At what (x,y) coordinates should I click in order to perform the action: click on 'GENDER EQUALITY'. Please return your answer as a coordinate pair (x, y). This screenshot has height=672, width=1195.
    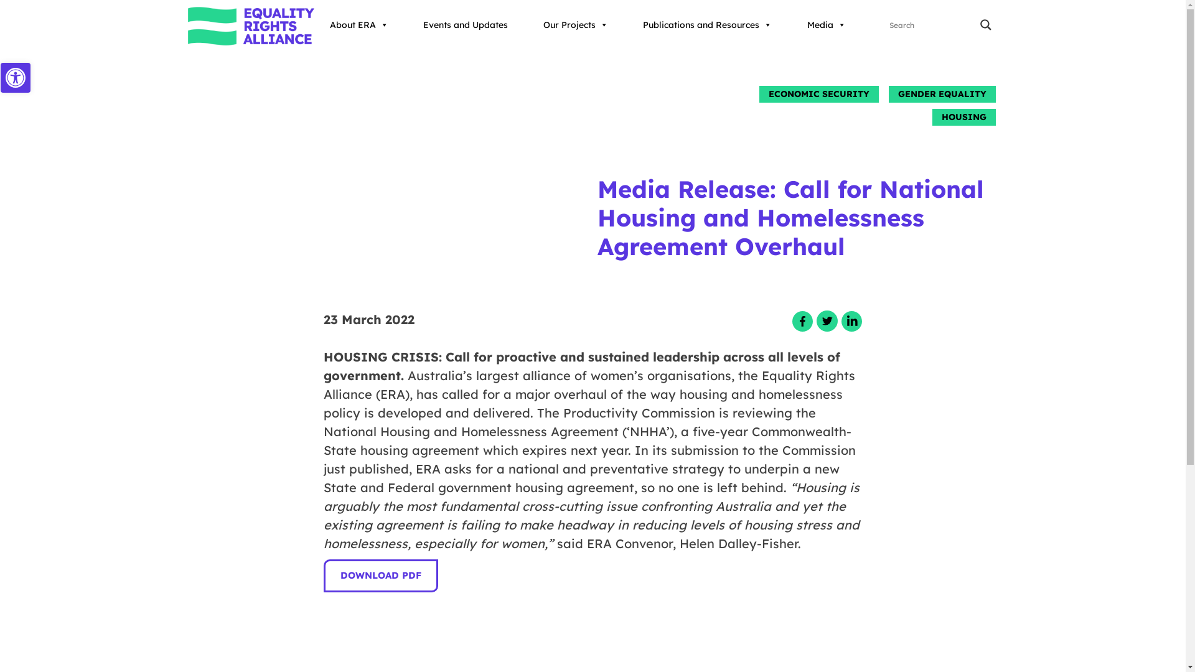
    Looking at the image, I should click on (888, 93).